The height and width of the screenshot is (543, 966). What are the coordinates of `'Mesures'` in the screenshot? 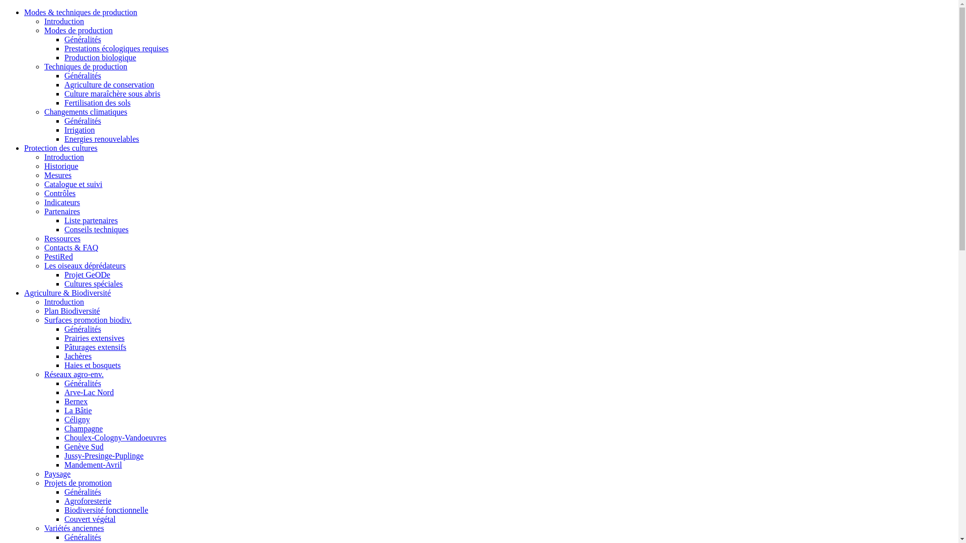 It's located at (43, 174).